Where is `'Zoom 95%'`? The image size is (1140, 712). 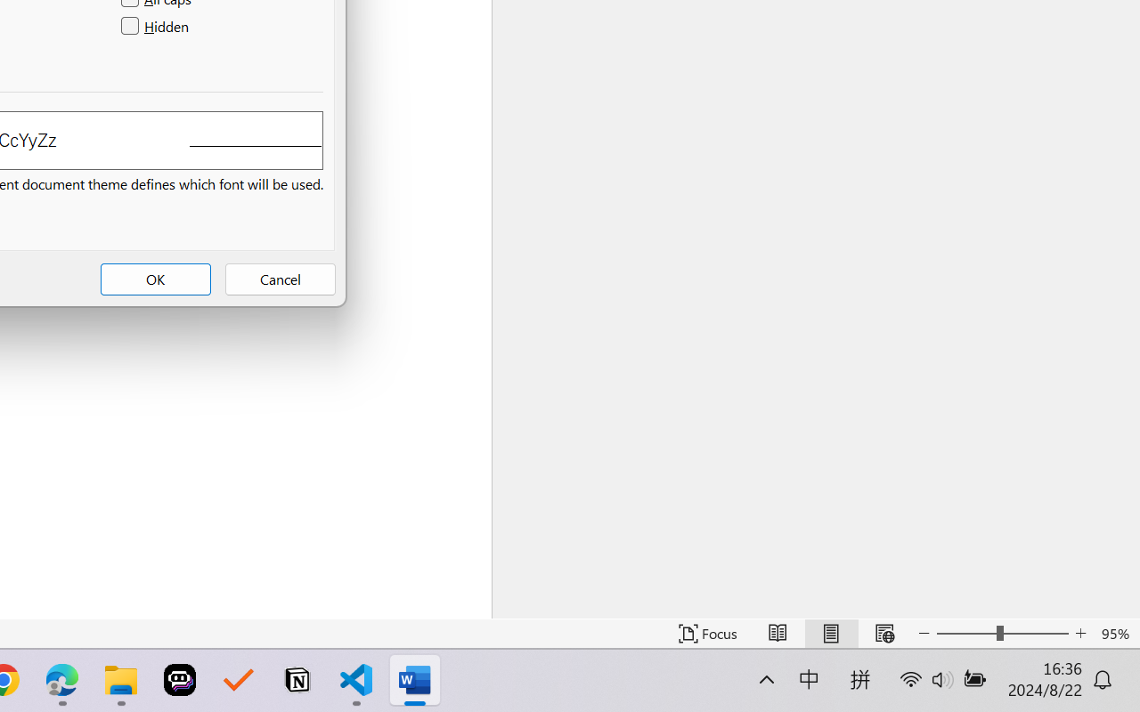
'Zoom 95%' is located at coordinates (1115, 633).